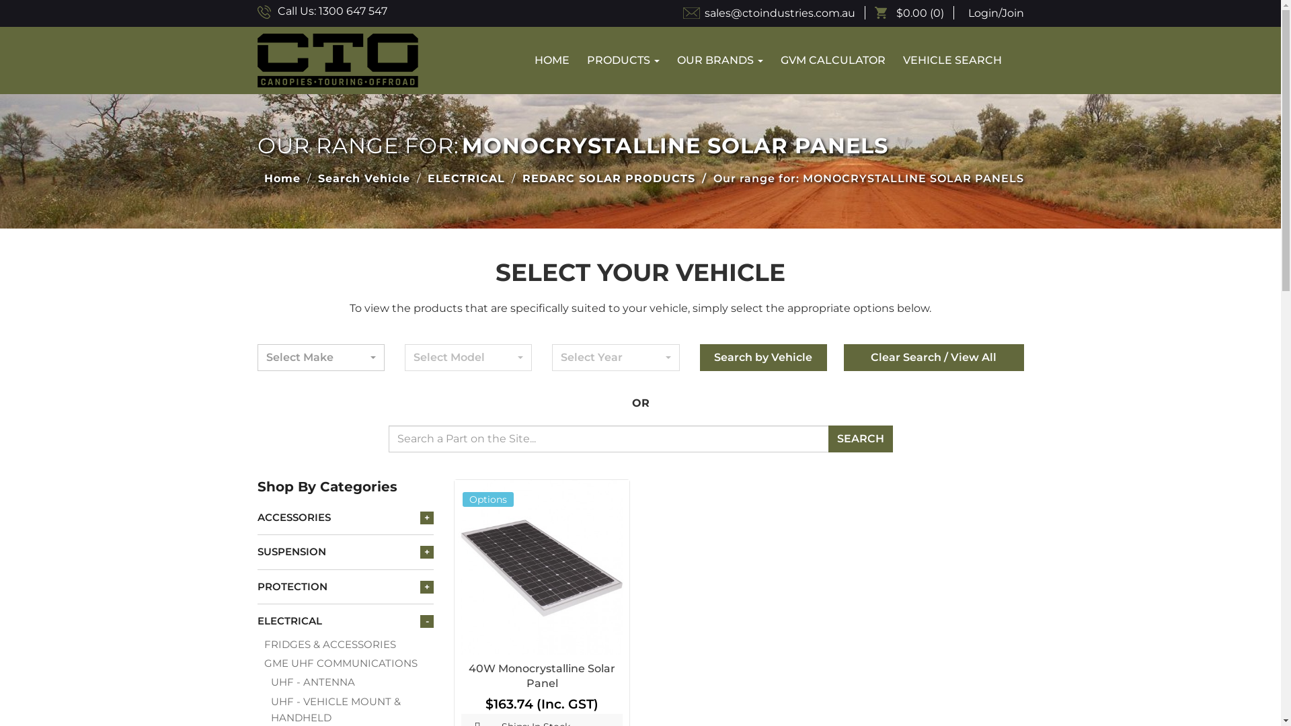 The image size is (1291, 726). What do you see at coordinates (426, 621) in the screenshot?
I see `'-'` at bounding box center [426, 621].